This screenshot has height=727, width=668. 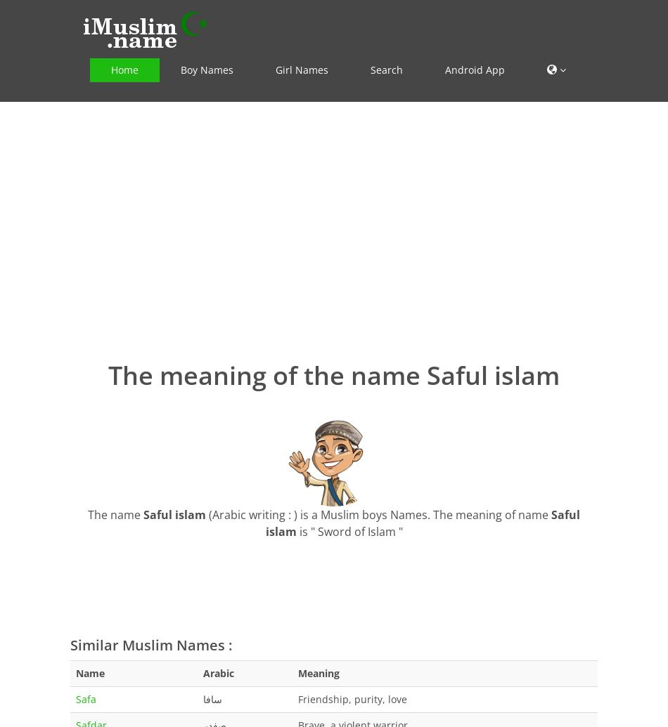 I want to click on 'Girl Names', so click(x=274, y=70).